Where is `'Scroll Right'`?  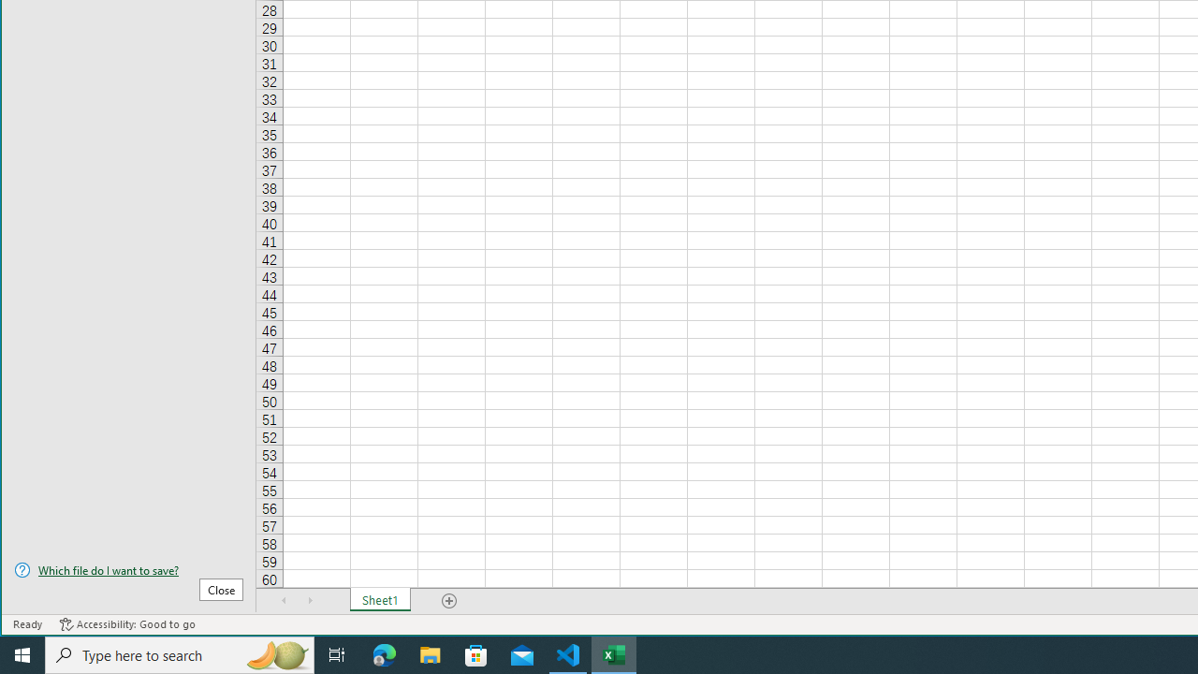
'Scroll Right' is located at coordinates (310, 600).